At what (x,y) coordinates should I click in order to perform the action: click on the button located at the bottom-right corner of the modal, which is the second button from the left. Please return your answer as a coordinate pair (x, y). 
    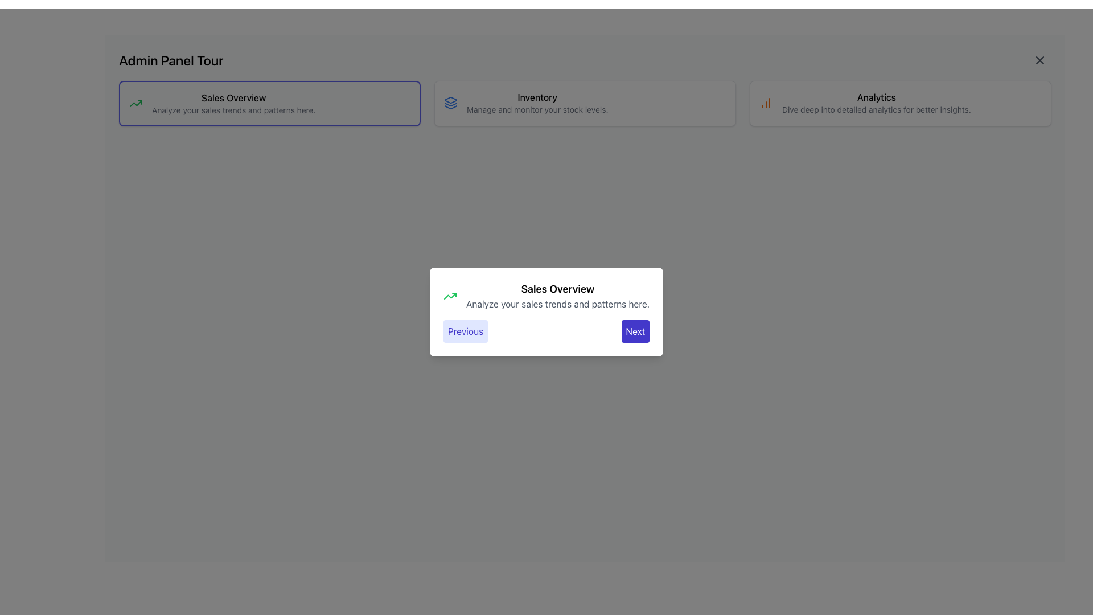
    Looking at the image, I should click on (635, 331).